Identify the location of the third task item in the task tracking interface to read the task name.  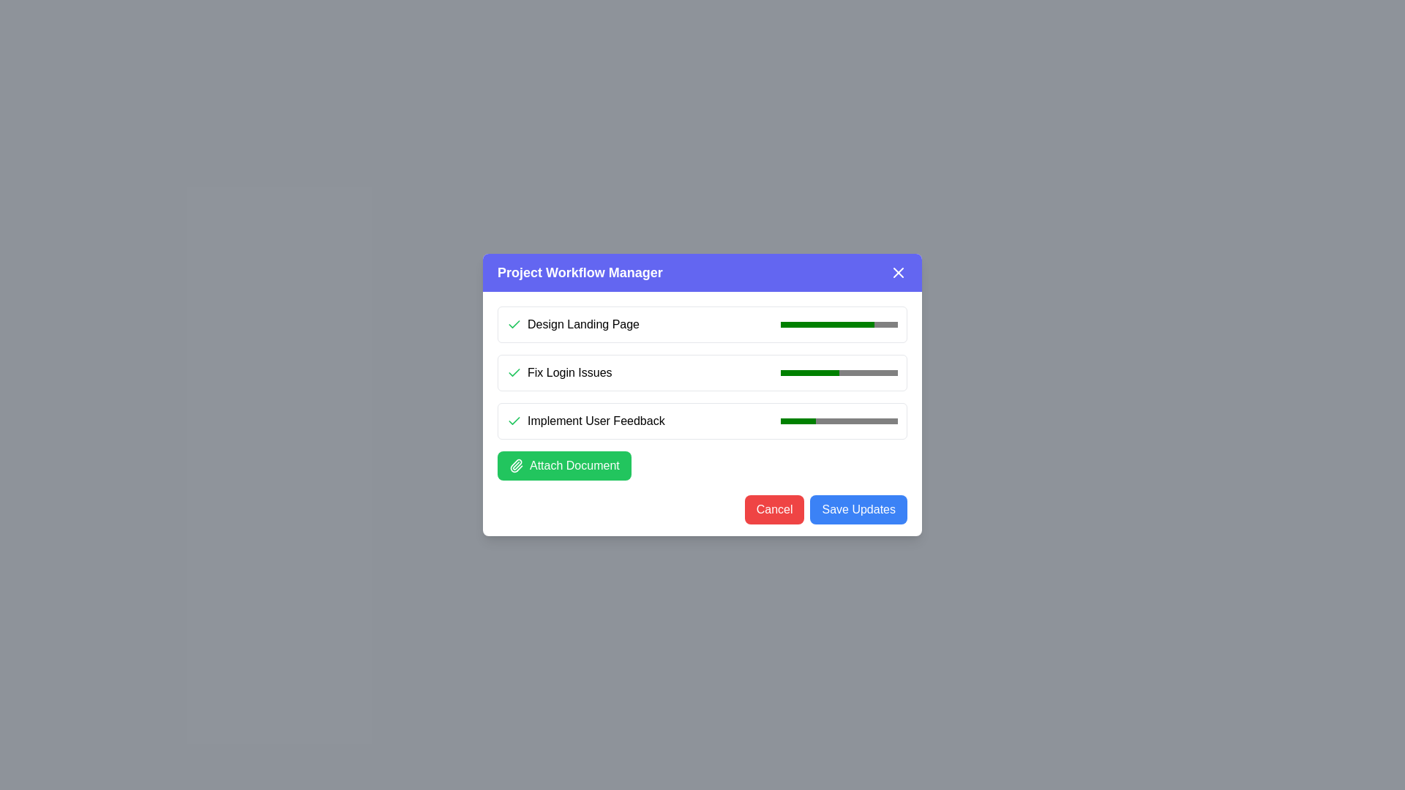
(702, 421).